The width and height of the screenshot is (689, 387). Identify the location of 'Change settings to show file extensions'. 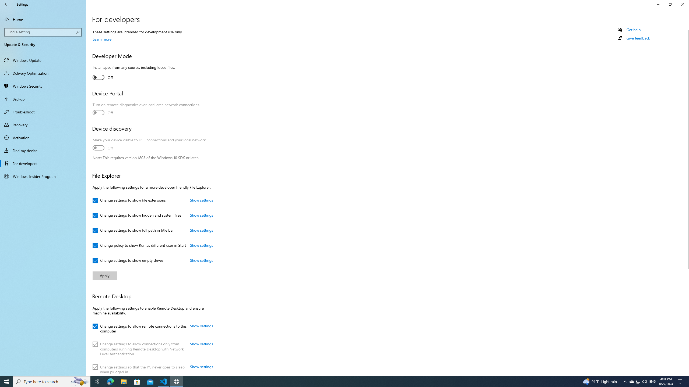
(129, 200).